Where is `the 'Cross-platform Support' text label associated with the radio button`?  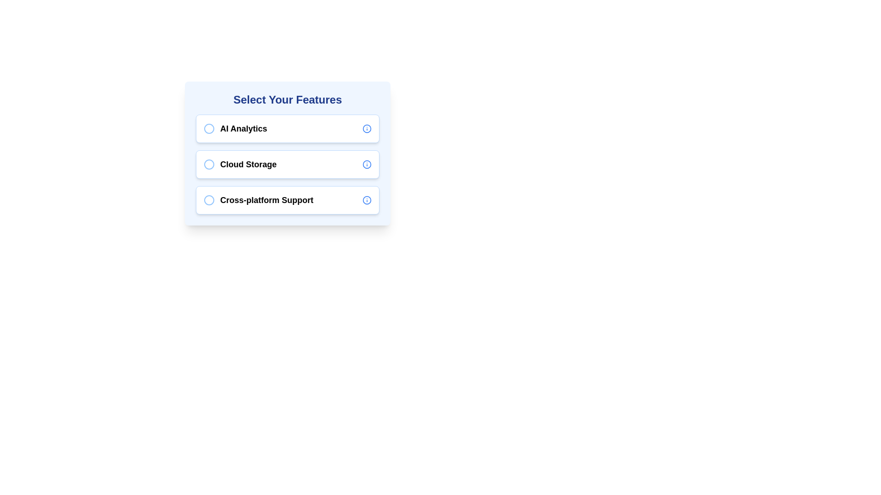 the 'Cross-platform Support' text label associated with the radio button is located at coordinates (258, 199).